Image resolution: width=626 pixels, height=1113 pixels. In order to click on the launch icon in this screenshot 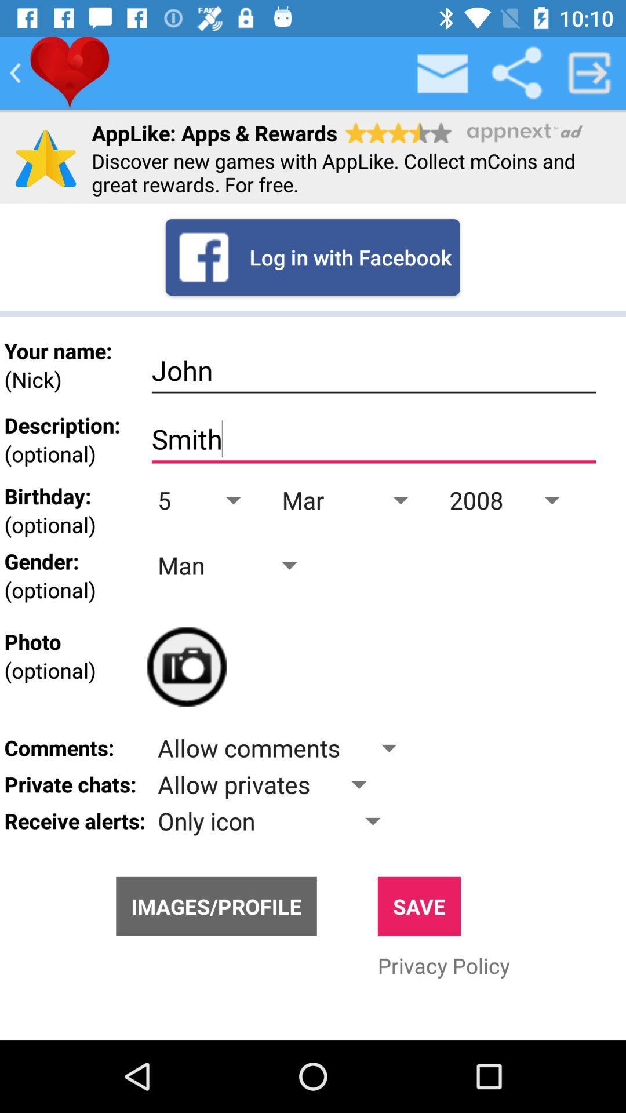, I will do `click(589, 72)`.